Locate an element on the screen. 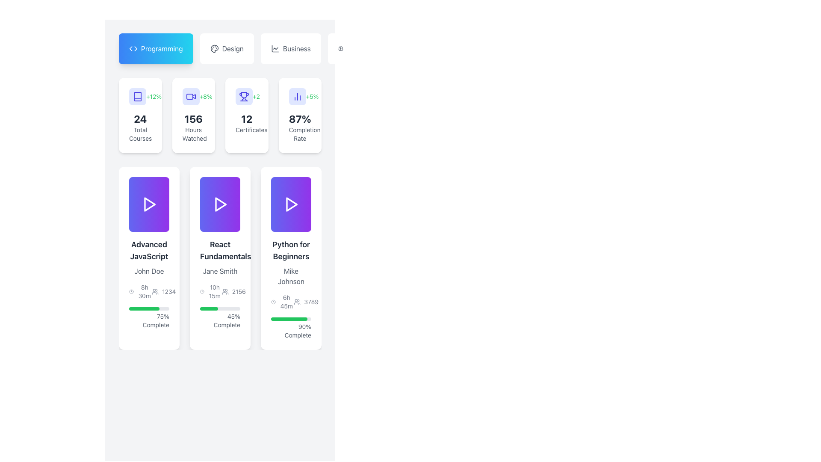 The image size is (821, 462). the indigo vertically aligned bar chart icon located at the center of the fourth card in the top row of the layout is located at coordinates (297, 96).